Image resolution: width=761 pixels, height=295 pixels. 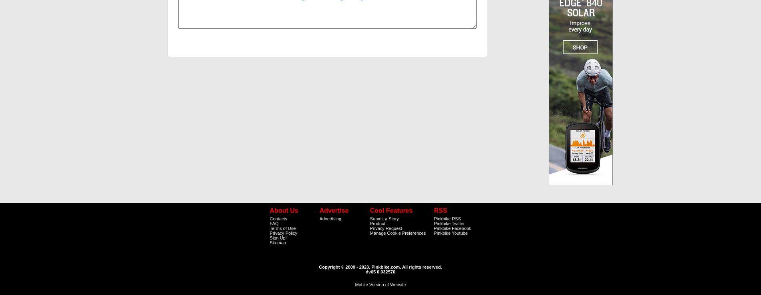 I want to click on 'Privacy Request', so click(x=385, y=228).